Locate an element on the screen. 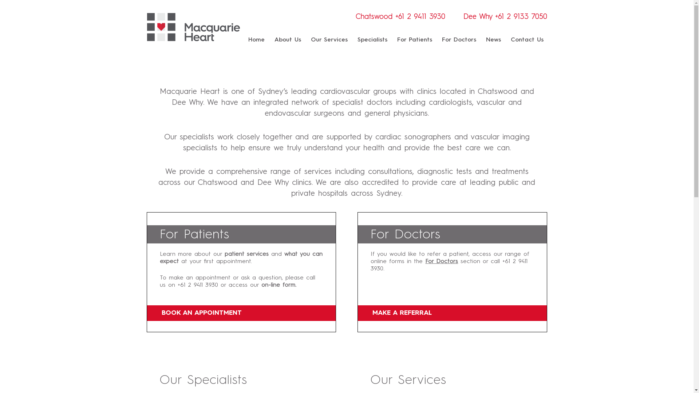 Image resolution: width=699 pixels, height=393 pixels. 'Contact Us' is located at coordinates (510, 40).